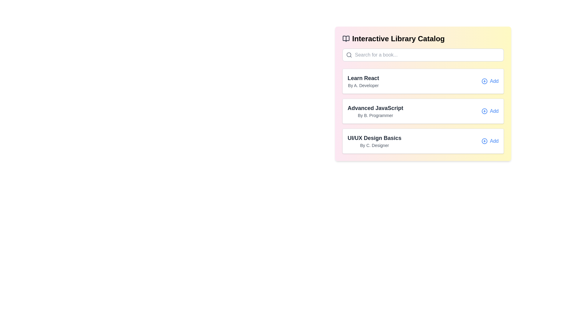 The height and width of the screenshot is (330, 587). What do you see at coordinates (484, 141) in the screenshot?
I see `the circular graphical element that is part of the plus symbol icon adjacent to the 'UI/UX Design Basics' label in the Interactive Library Catalog` at bounding box center [484, 141].